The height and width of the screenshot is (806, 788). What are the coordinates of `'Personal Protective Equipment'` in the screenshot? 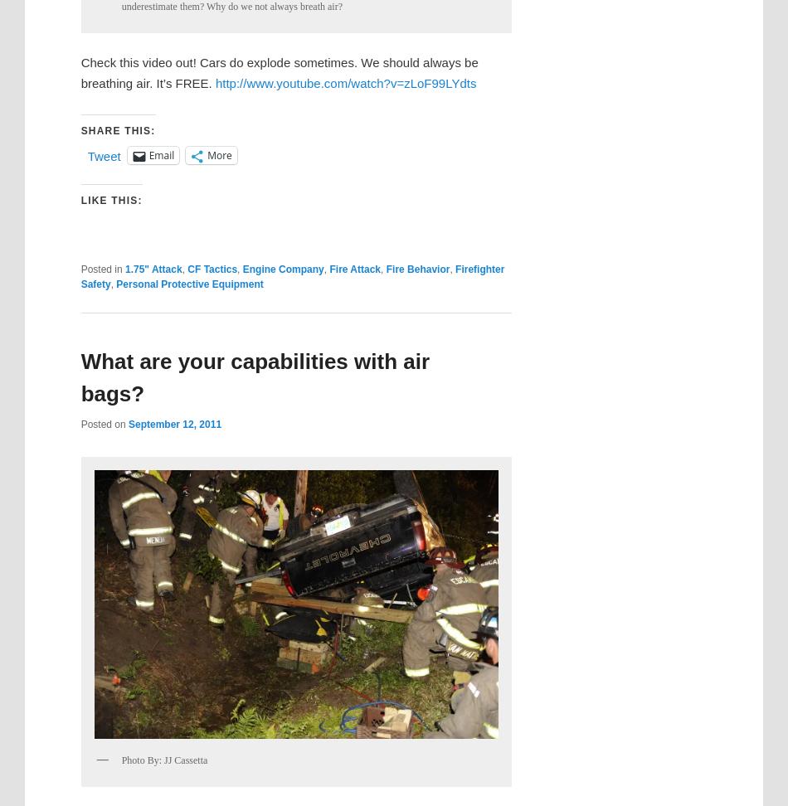 It's located at (116, 284).